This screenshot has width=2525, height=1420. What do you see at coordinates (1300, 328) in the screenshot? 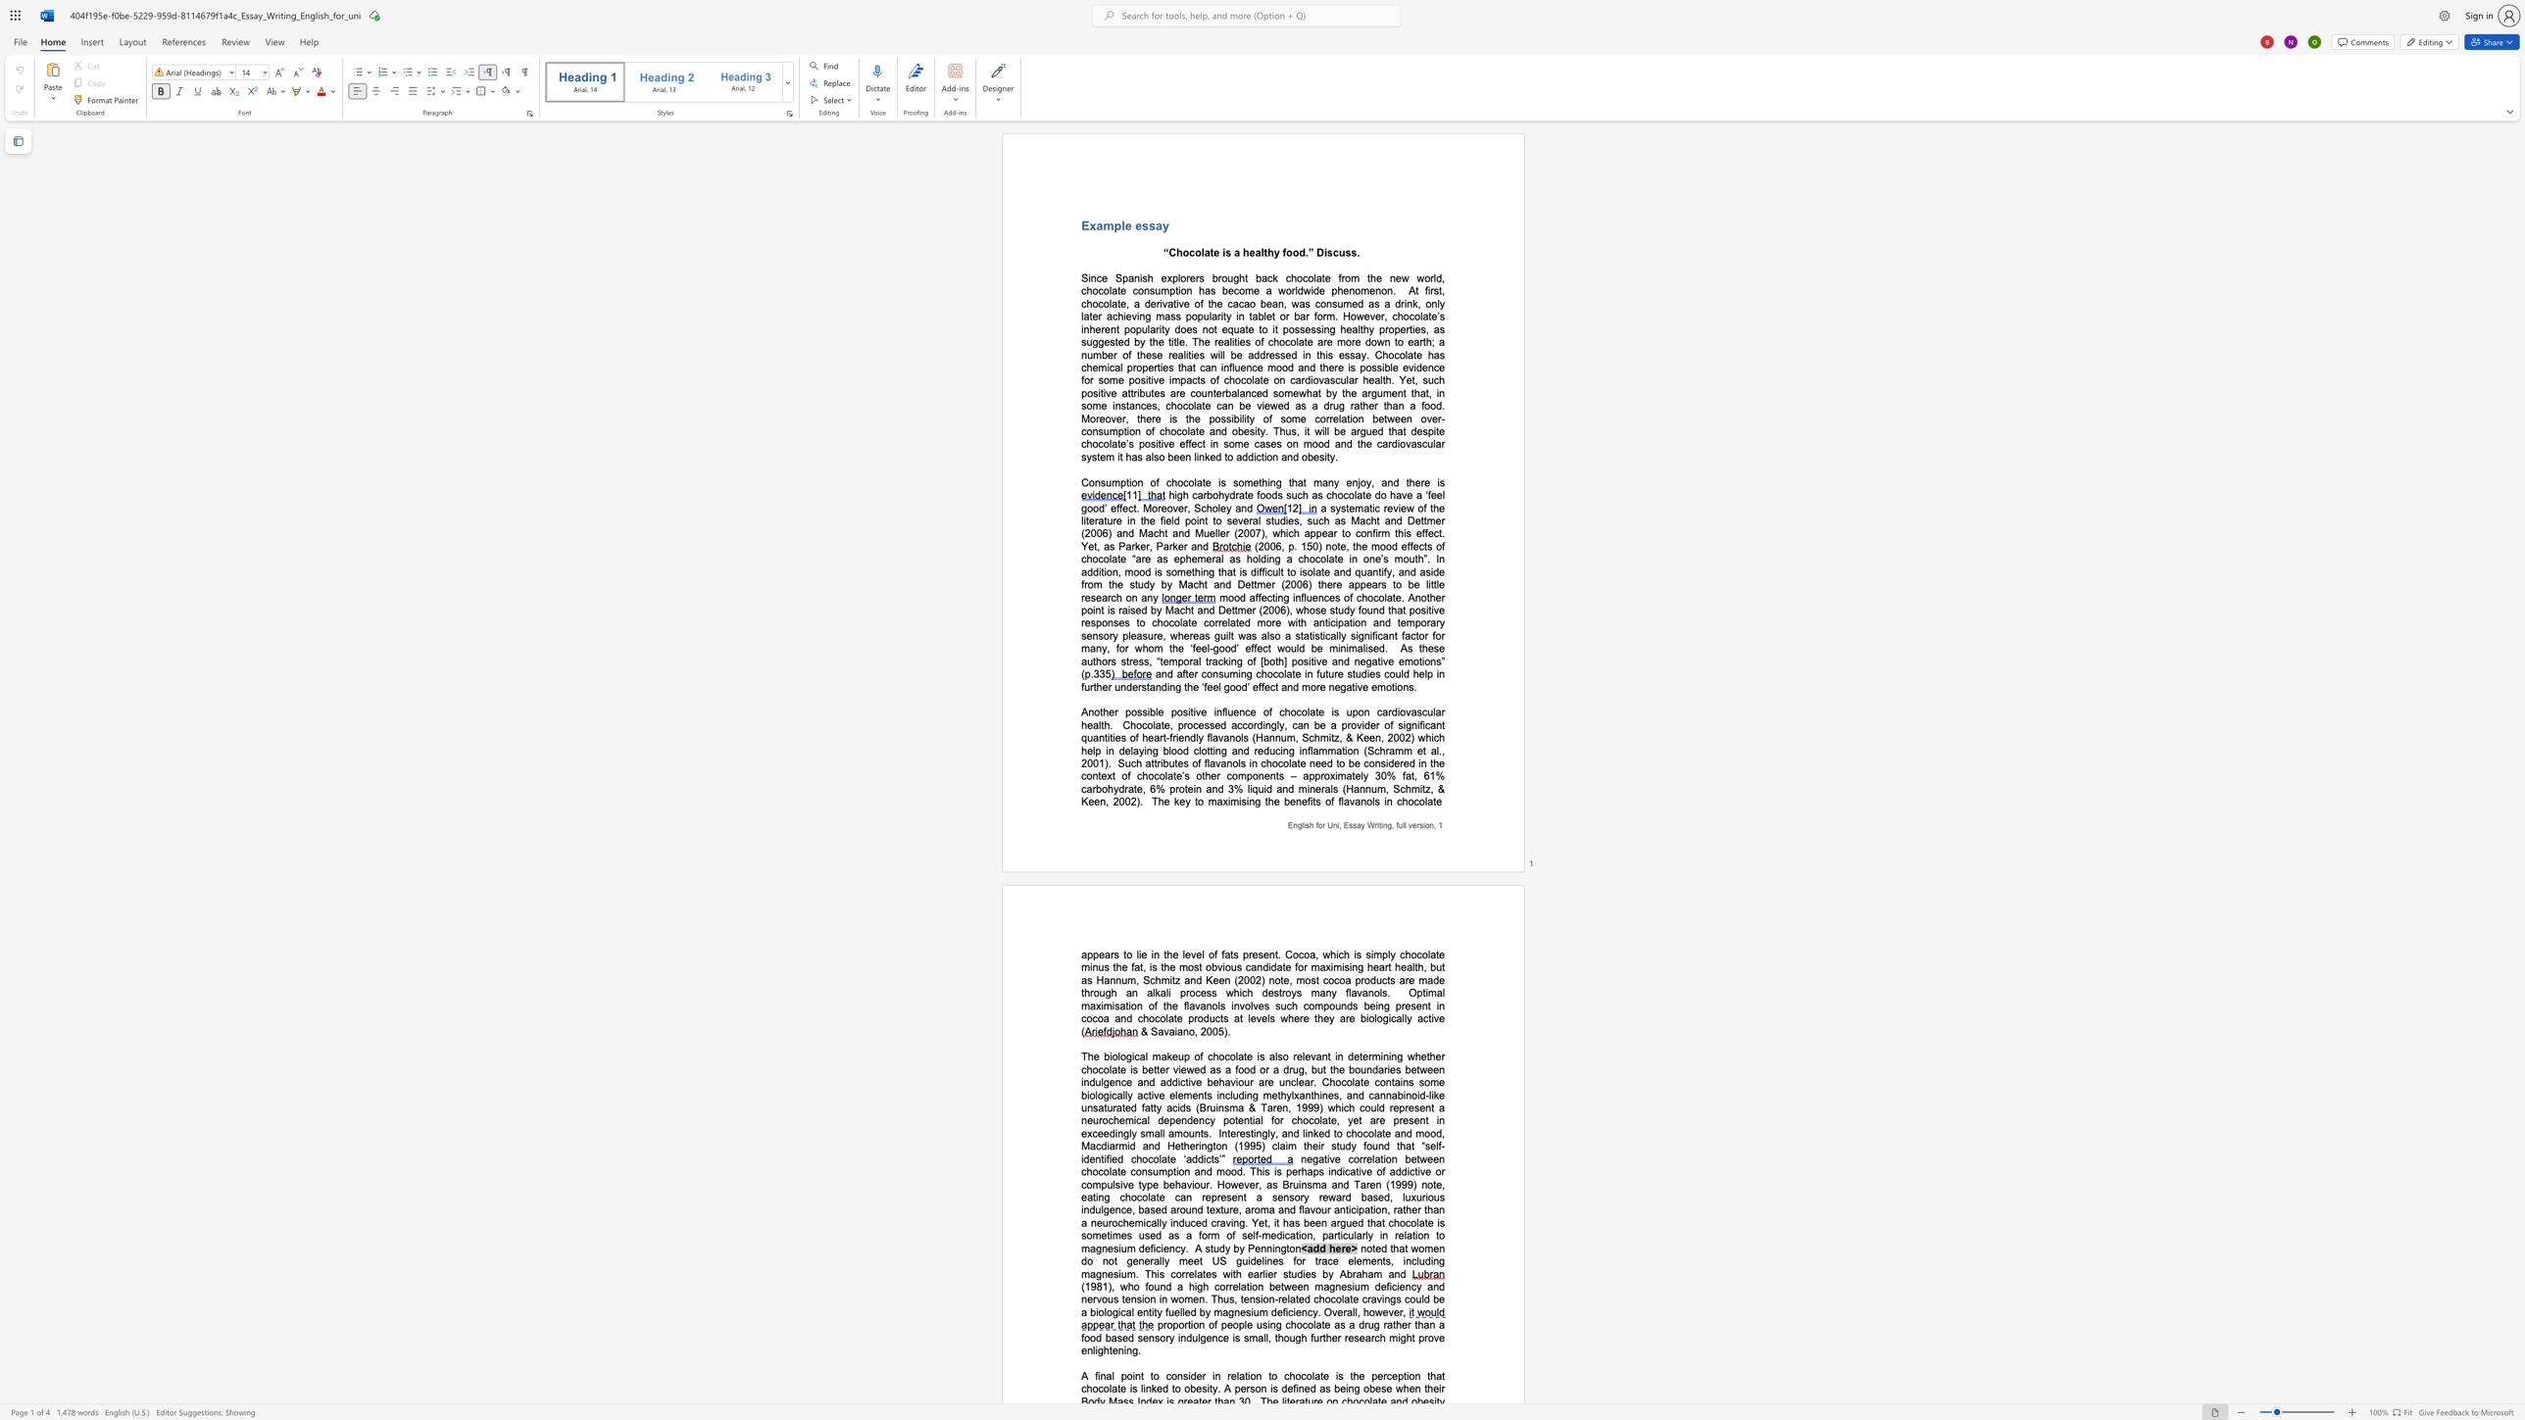
I see `the subset text "sessin" within the text "possessing"` at bounding box center [1300, 328].